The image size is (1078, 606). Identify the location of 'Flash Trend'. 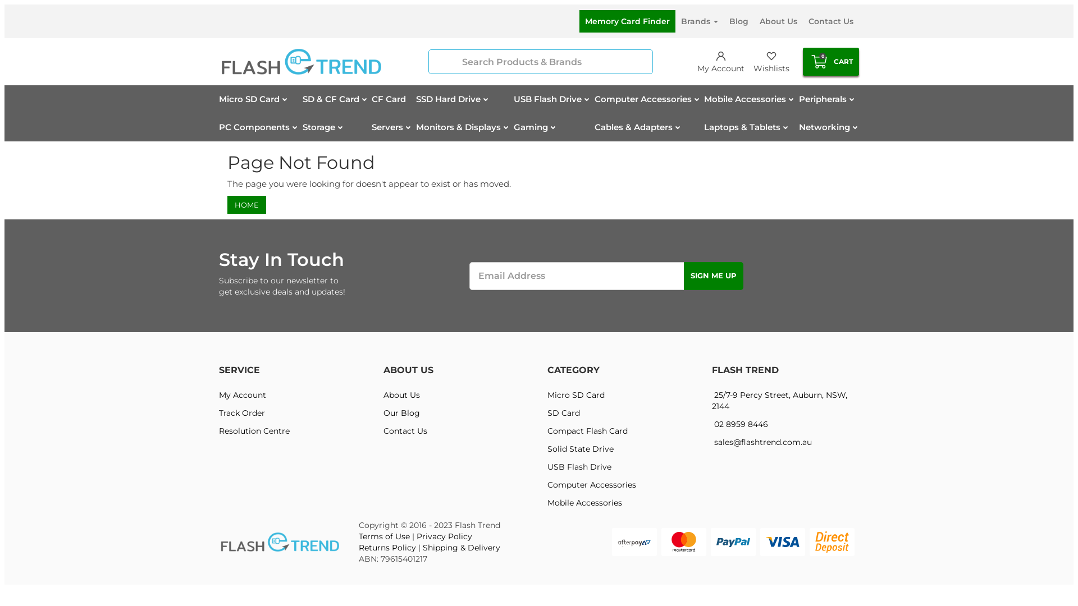
(301, 62).